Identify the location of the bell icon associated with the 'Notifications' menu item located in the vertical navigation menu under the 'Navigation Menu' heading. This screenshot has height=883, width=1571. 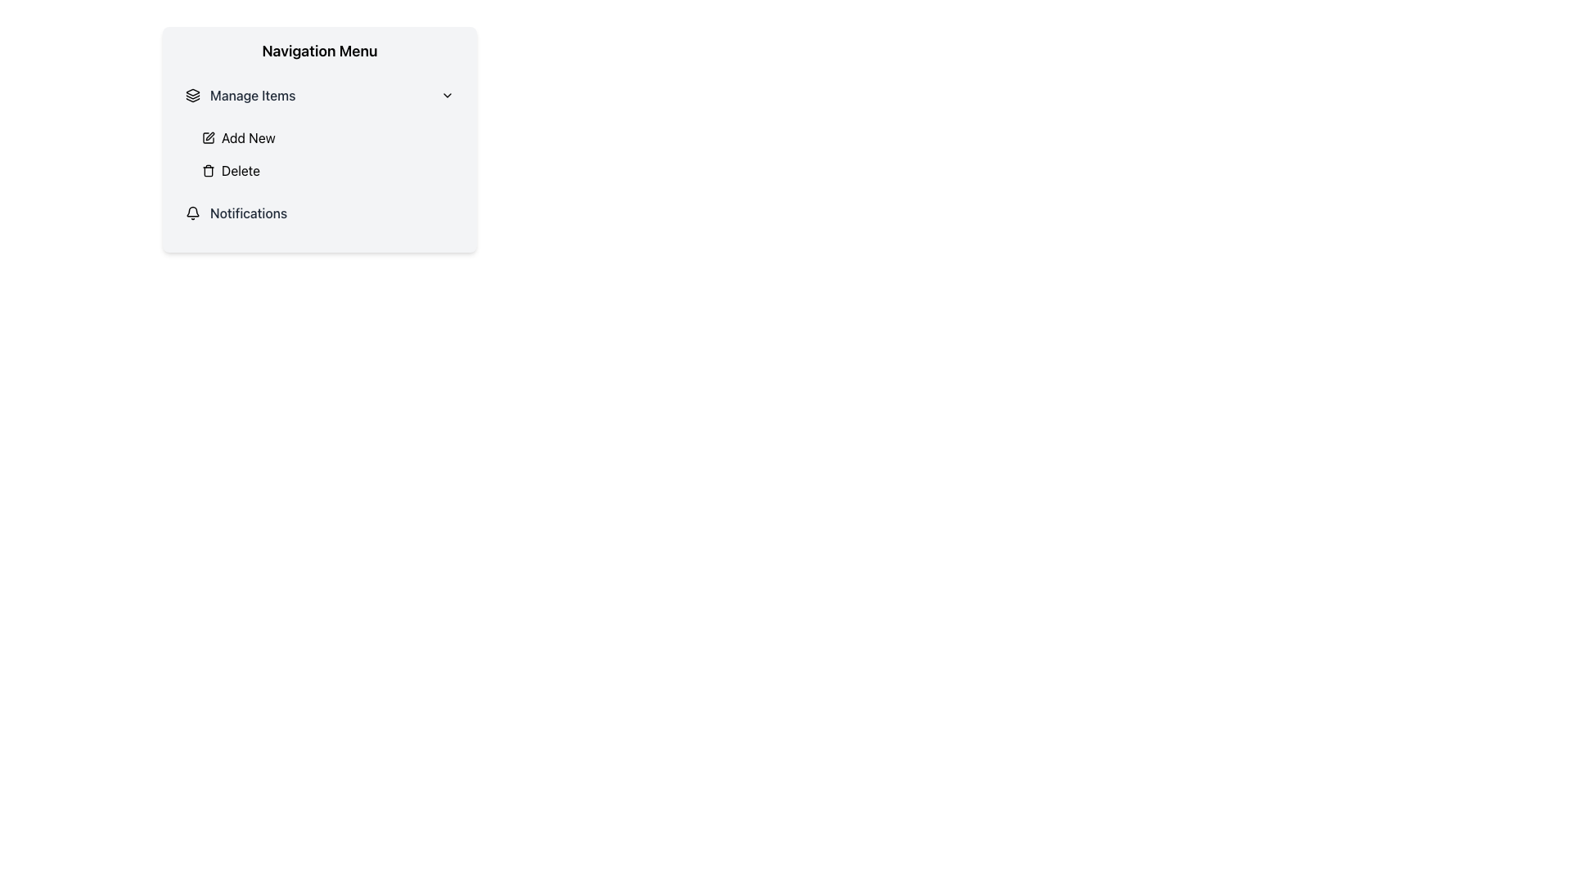
(192, 213).